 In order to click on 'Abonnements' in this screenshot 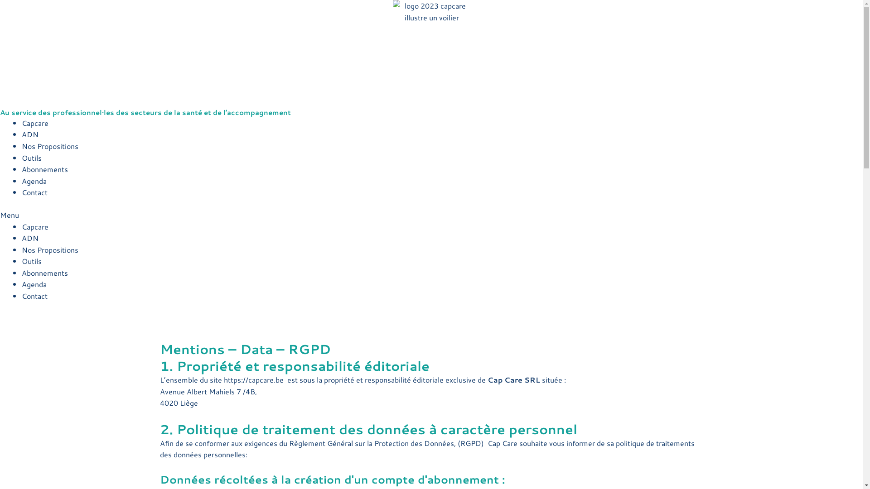, I will do `click(44, 272)`.